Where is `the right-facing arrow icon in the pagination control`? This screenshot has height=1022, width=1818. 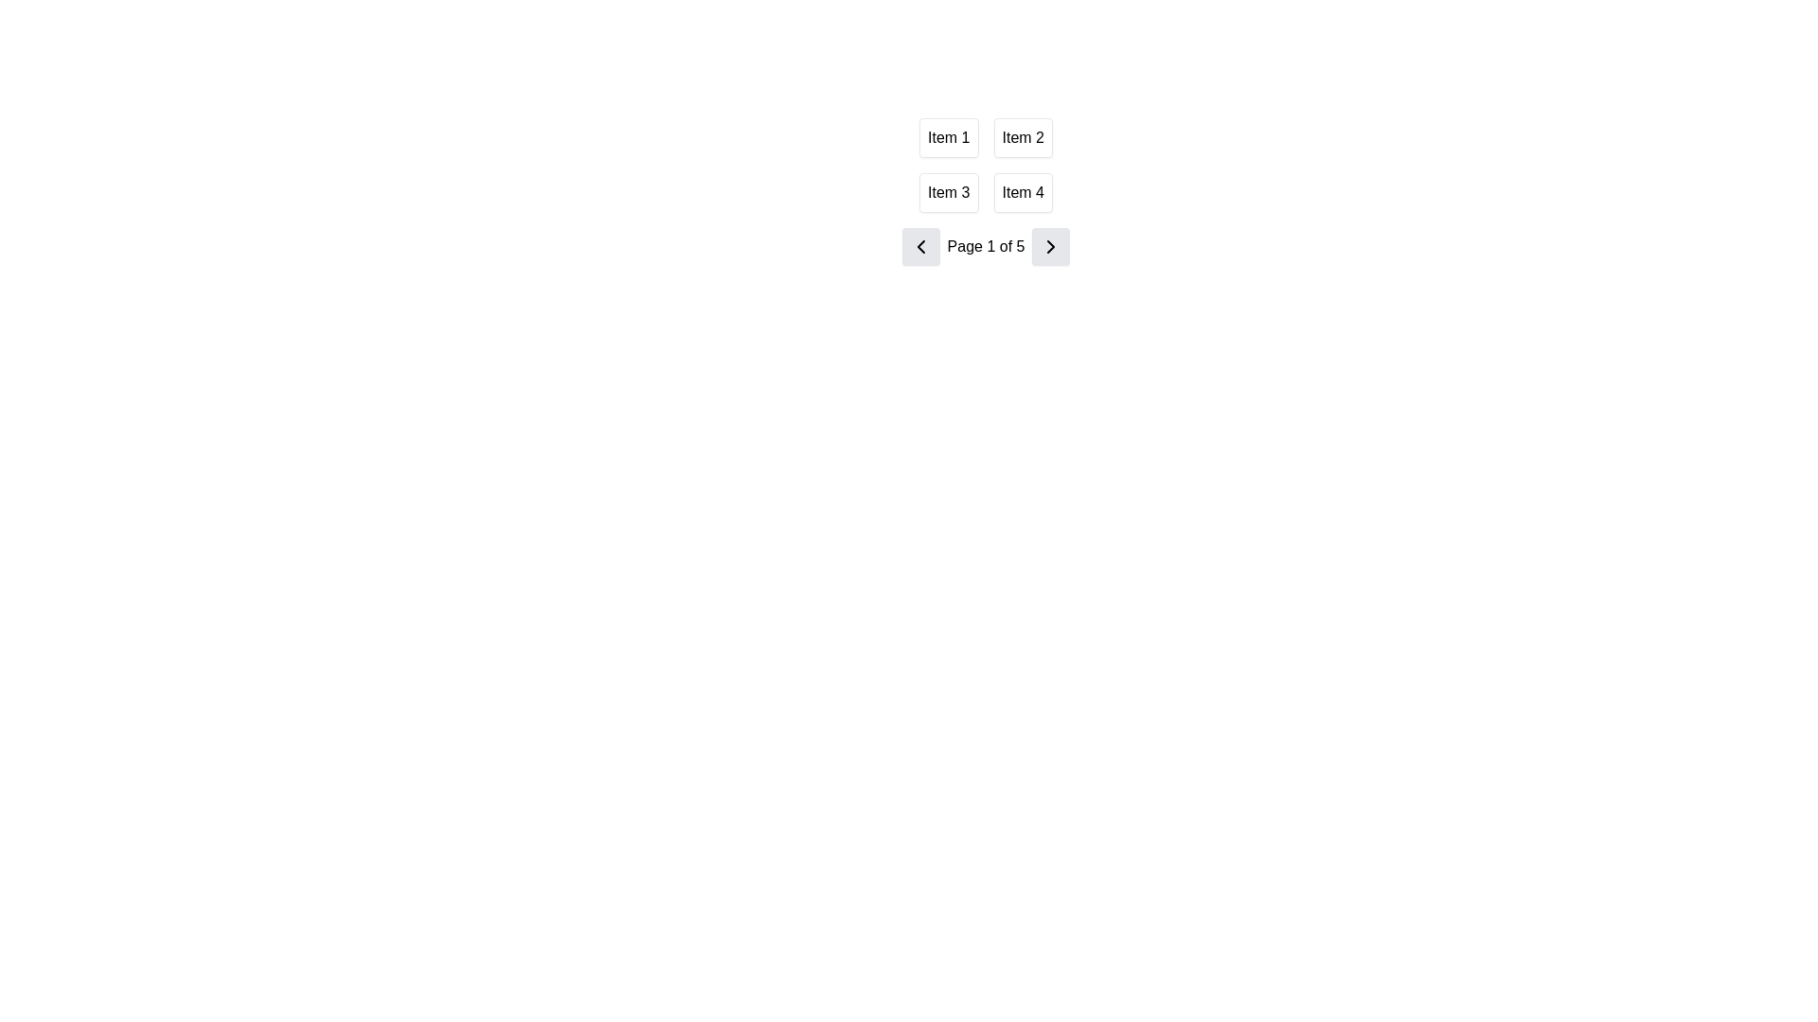
the right-facing arrow icon in the pagination control is located at coordinates (1050, 246).